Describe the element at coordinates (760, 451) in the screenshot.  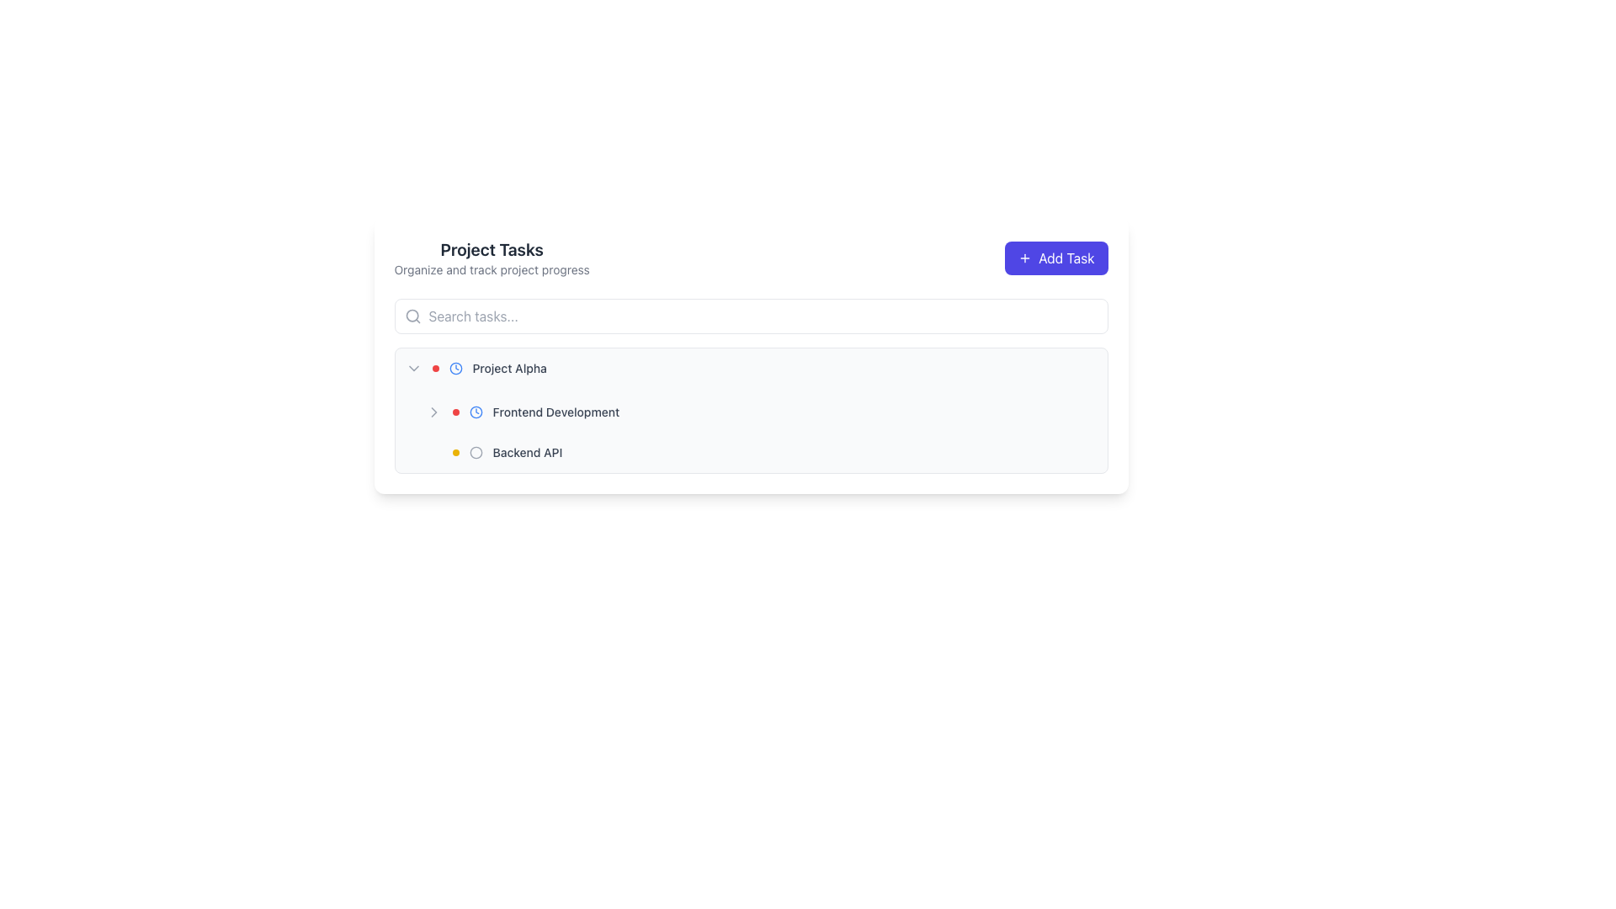
I see `the task item for 'Backend API' associated with Charlie, located` at that location.